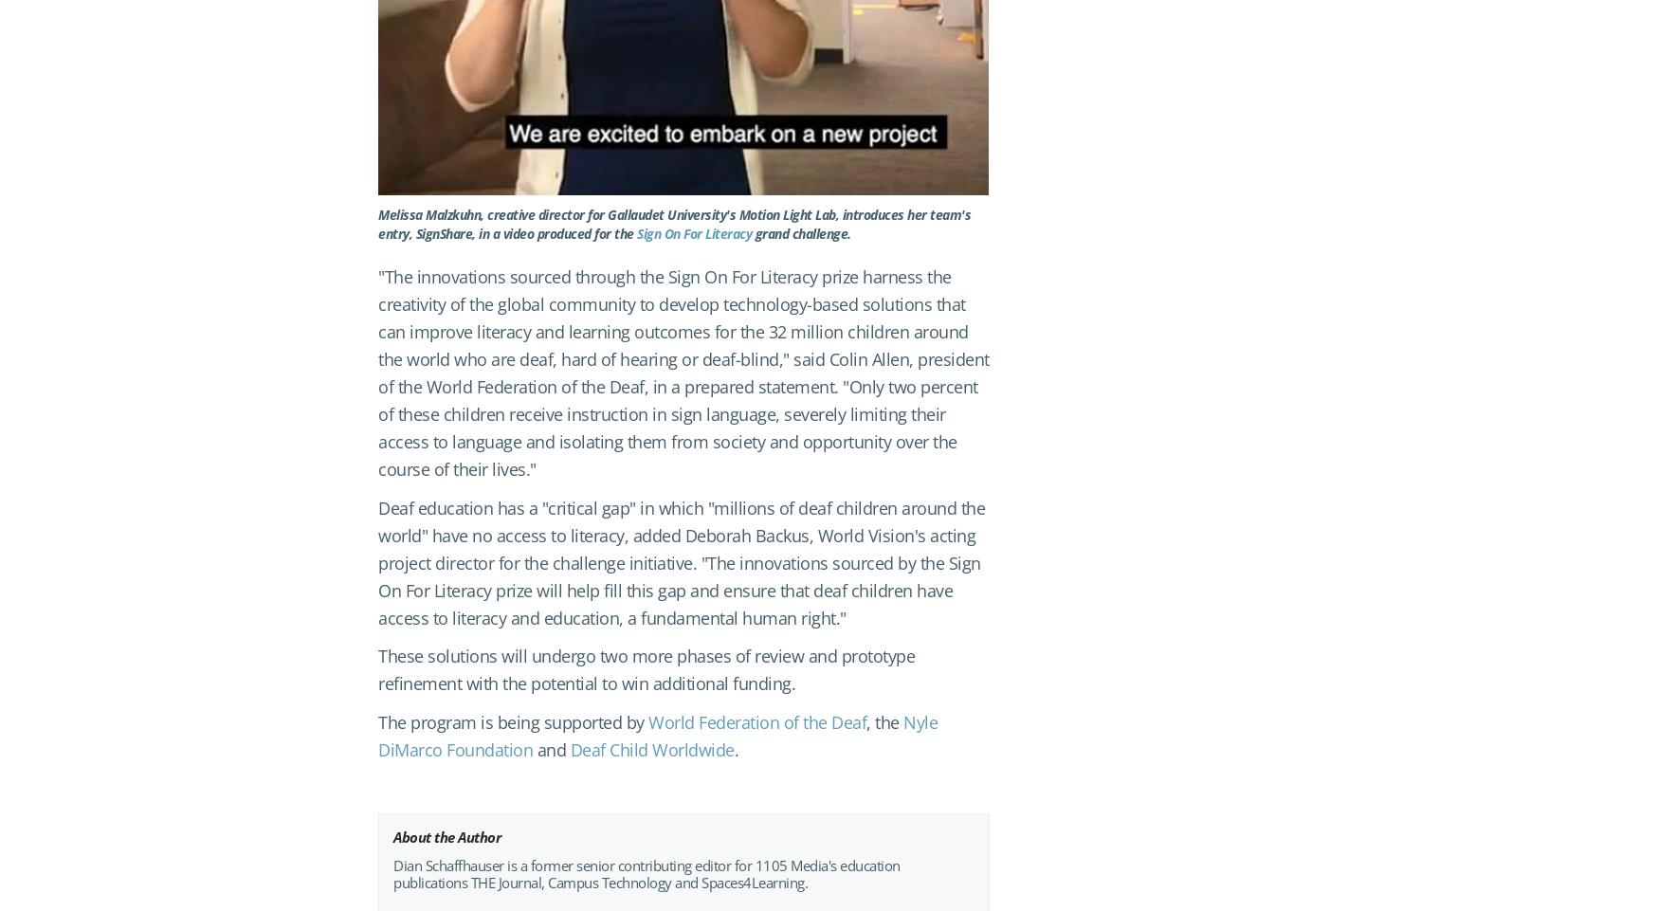  Describe the element at coordinates (756, 720) in the screenshot. I see `'World Federation of the Deaf'` at that location.